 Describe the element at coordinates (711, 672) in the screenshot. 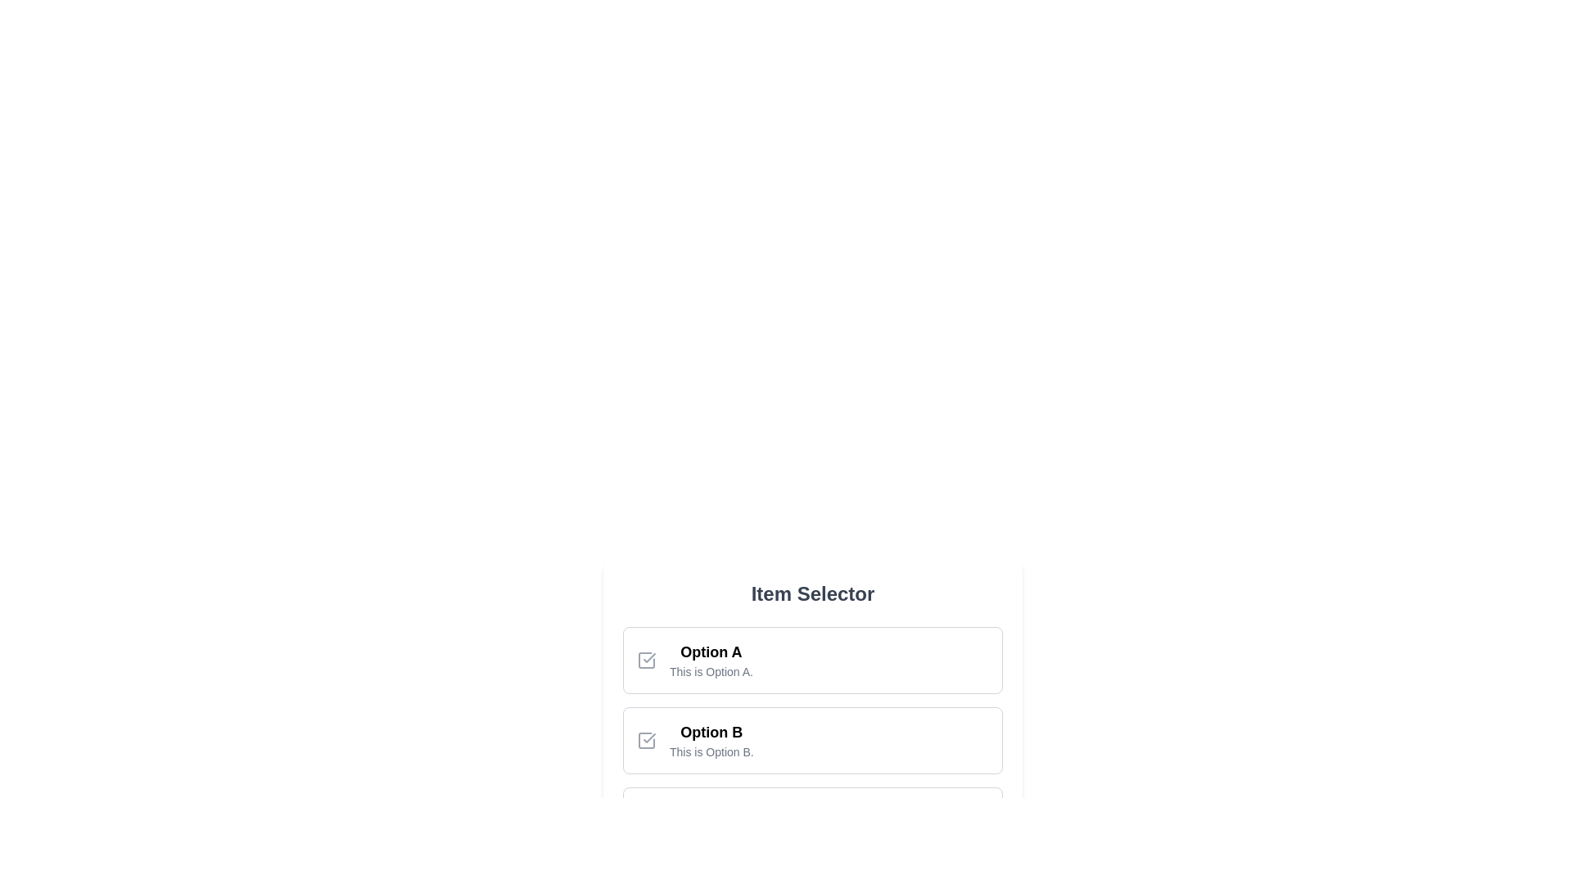

I see `the text label providing additional information about 'Option A' located under the 'Option A' header in the first card of the vertical list` at that location.